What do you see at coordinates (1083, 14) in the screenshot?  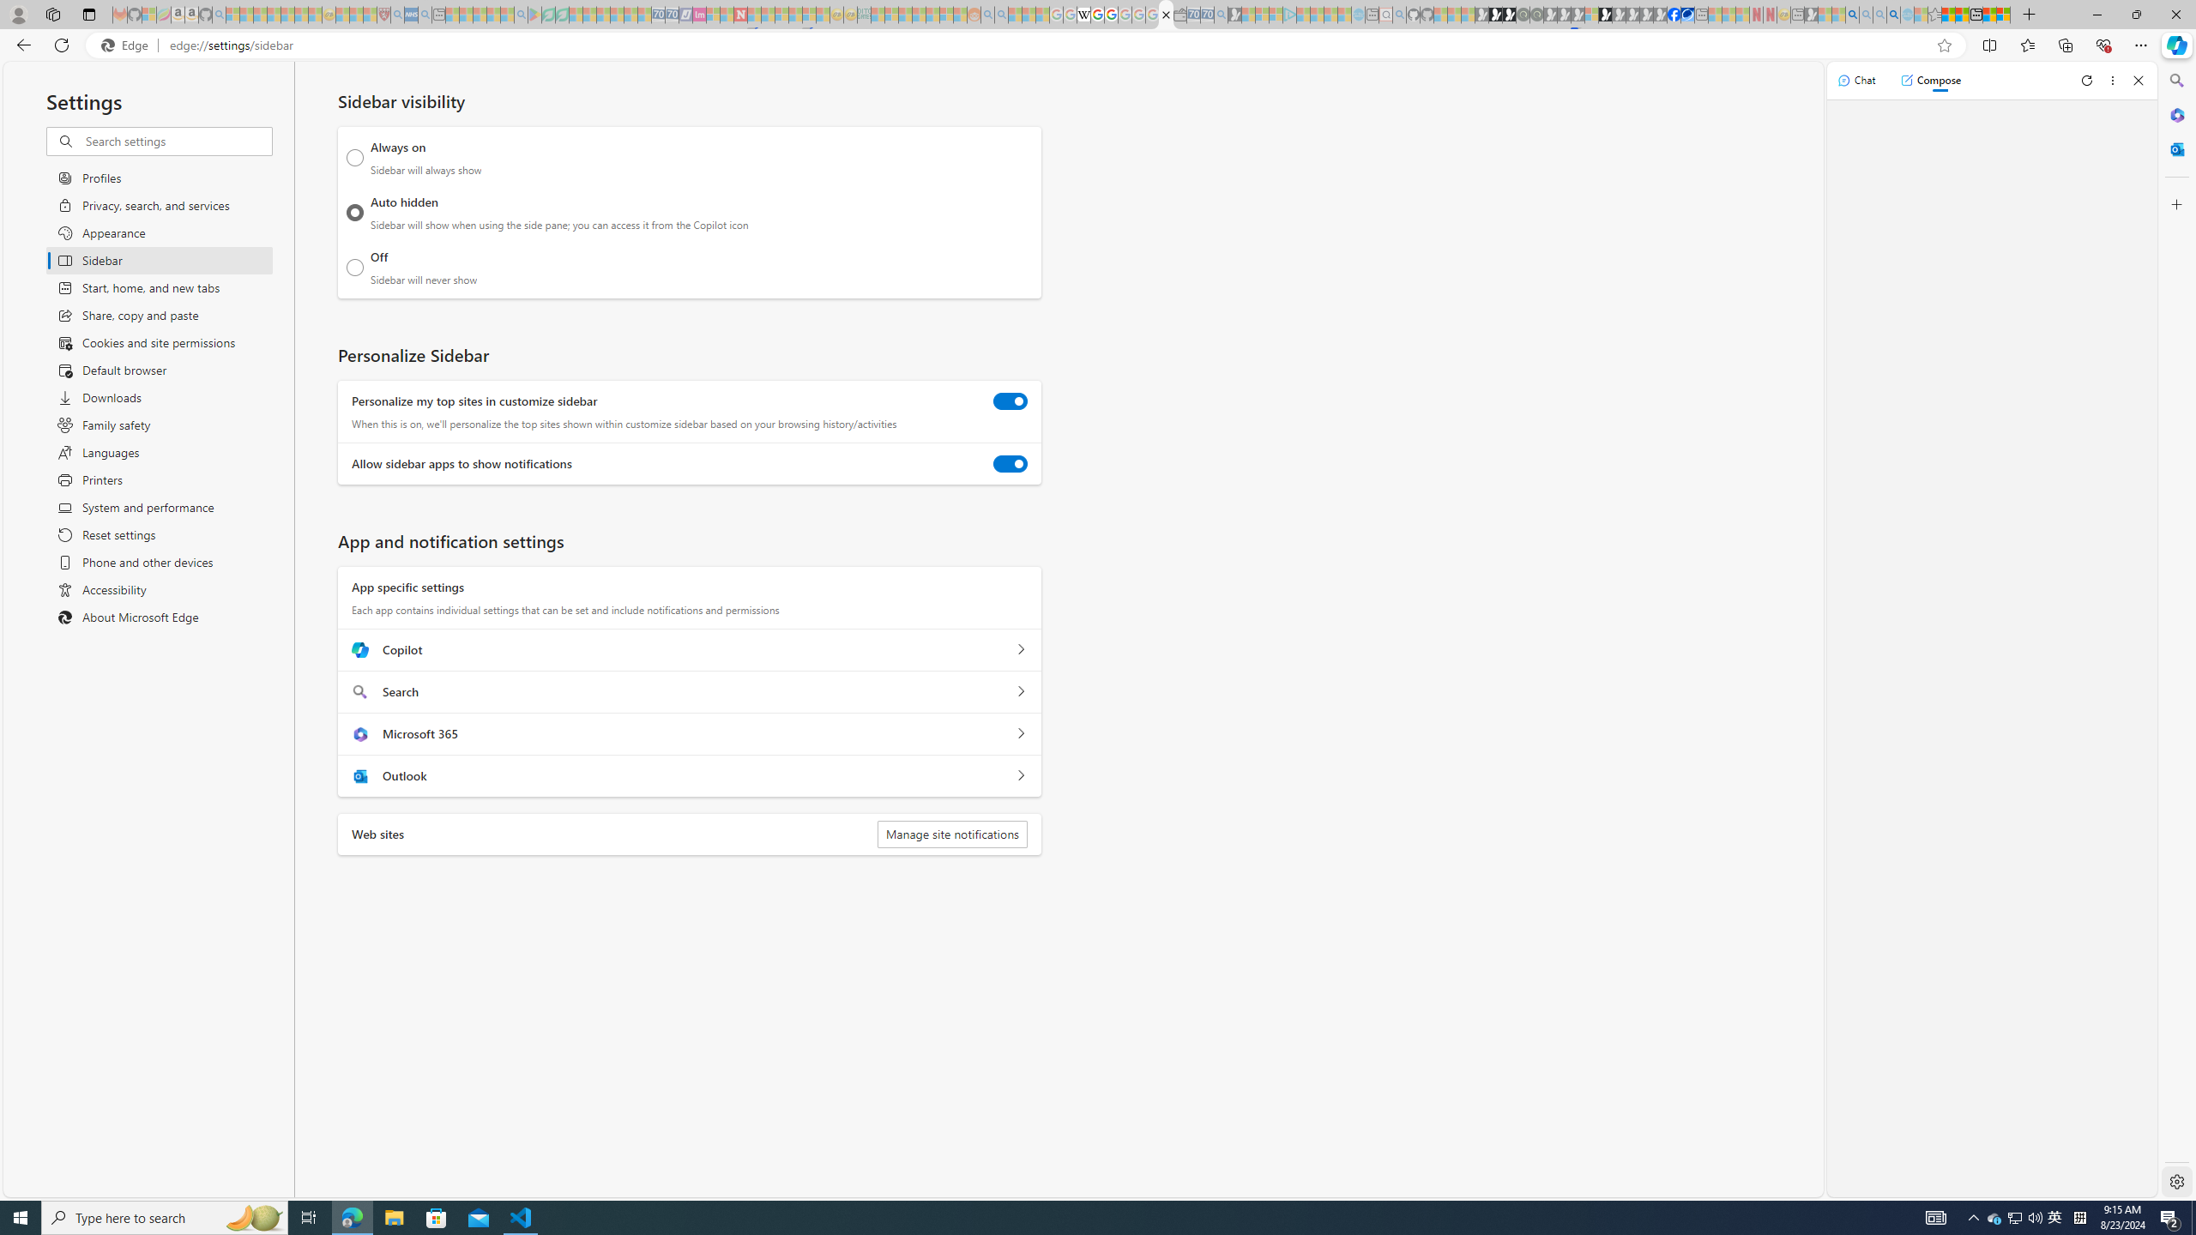 I see `'Target page - Wikipedia'` at bounding box center [1083, 14].